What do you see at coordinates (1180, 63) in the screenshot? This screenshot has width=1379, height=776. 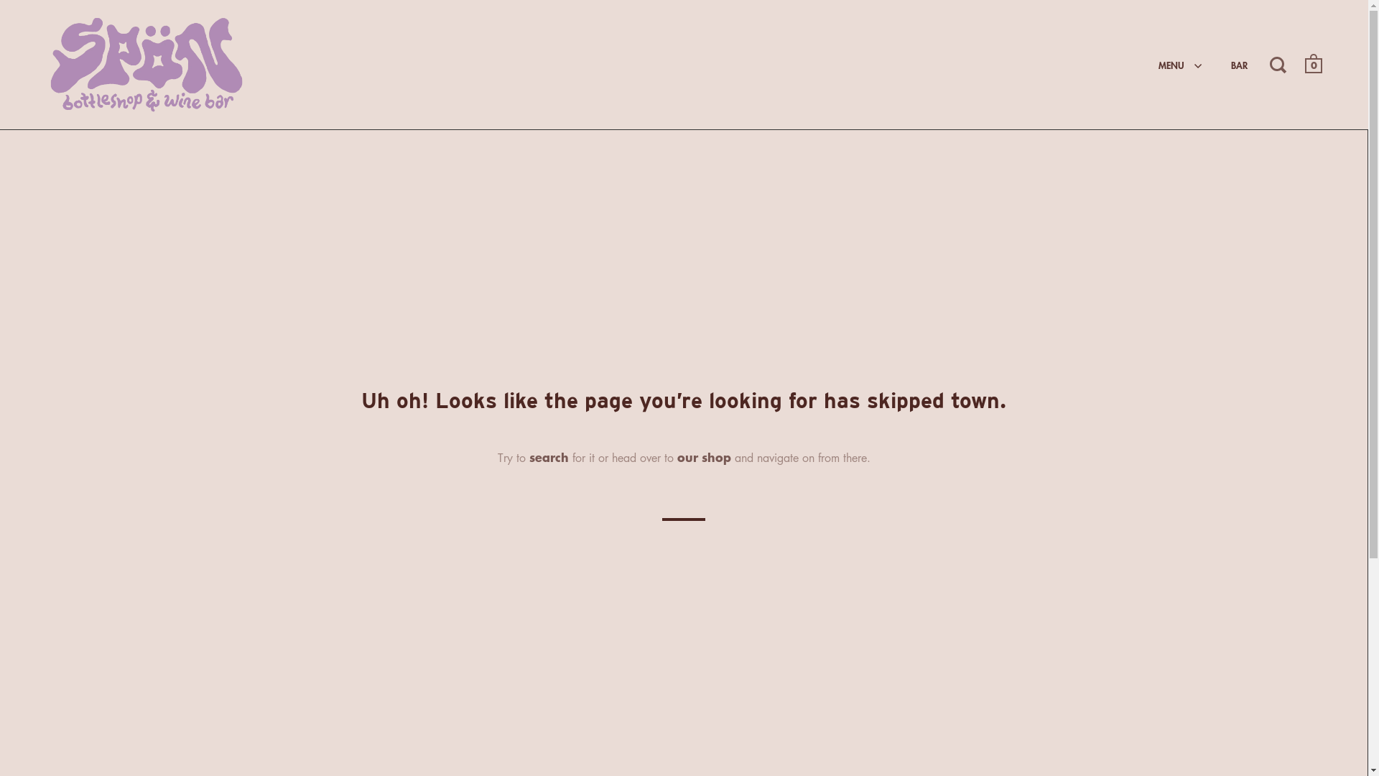 I see `'MENU'` at bounding box center [1180, 63].